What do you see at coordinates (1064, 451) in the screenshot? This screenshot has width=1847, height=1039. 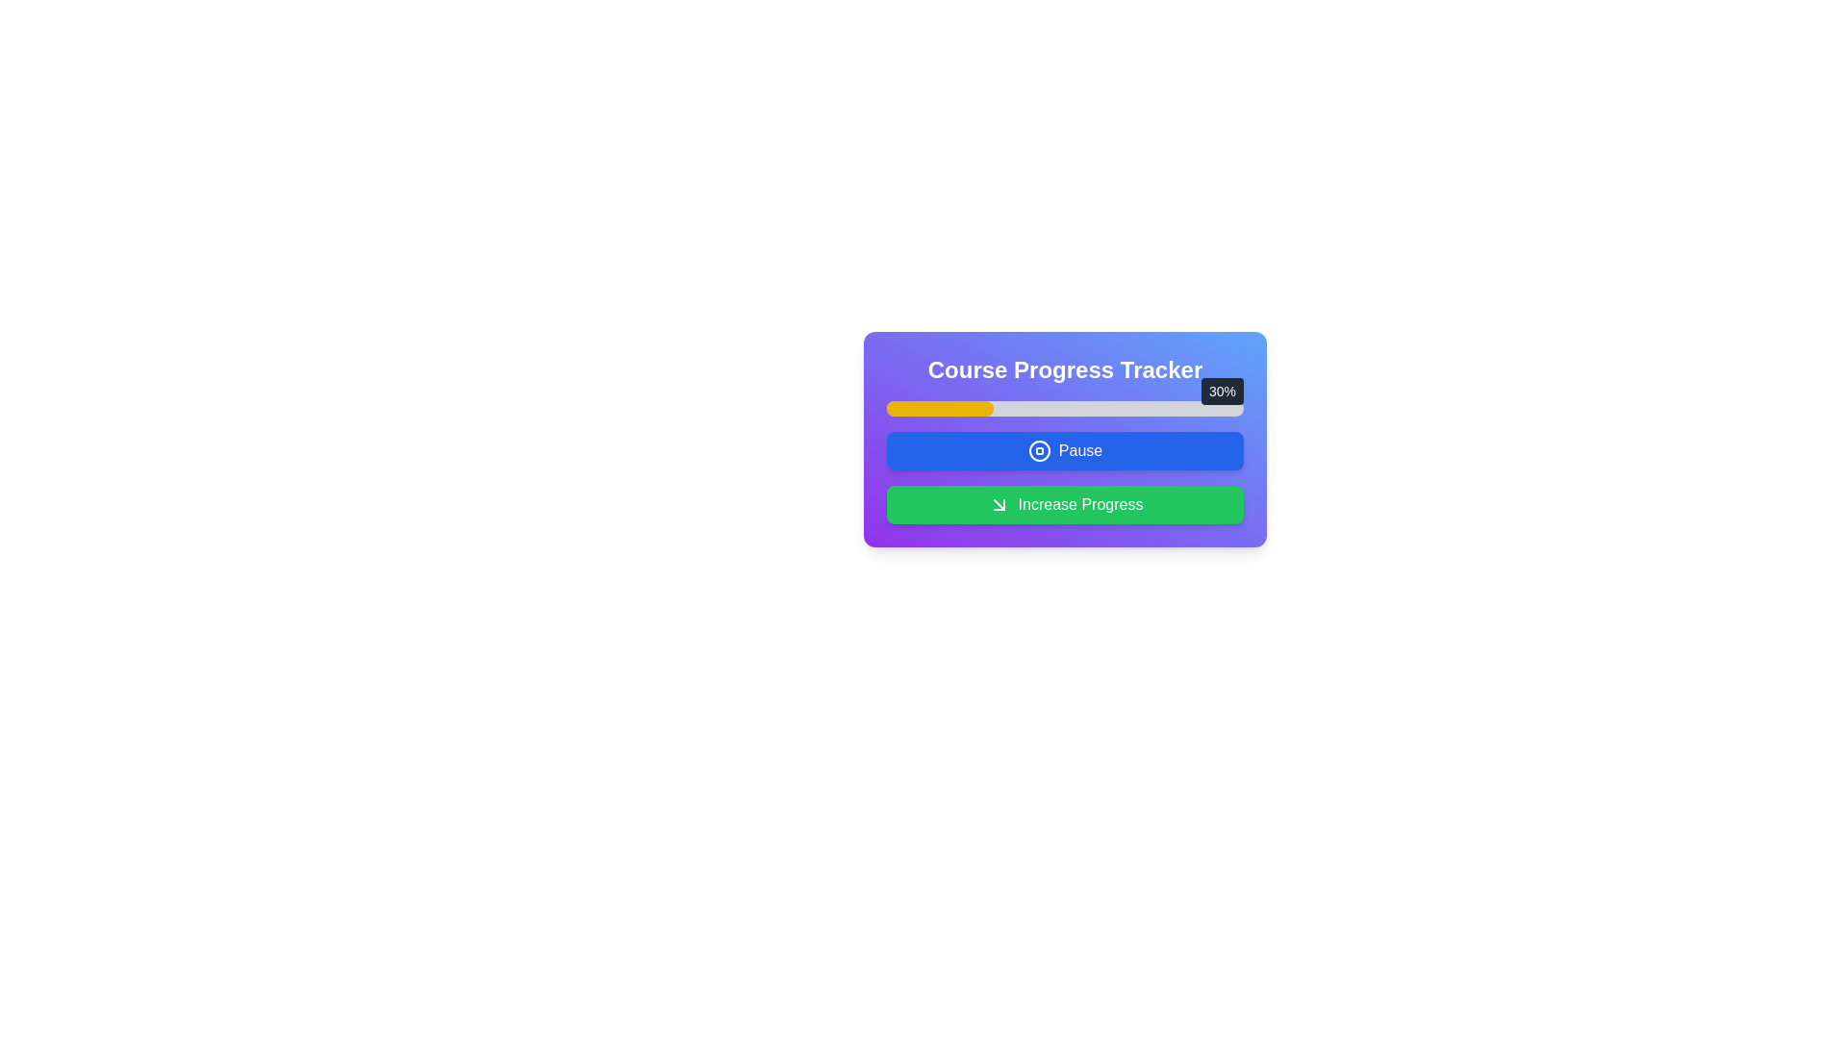 I see `the button with a blue background and white rounded corners labeled 'Pause'` at bounding box center [1064, 451].